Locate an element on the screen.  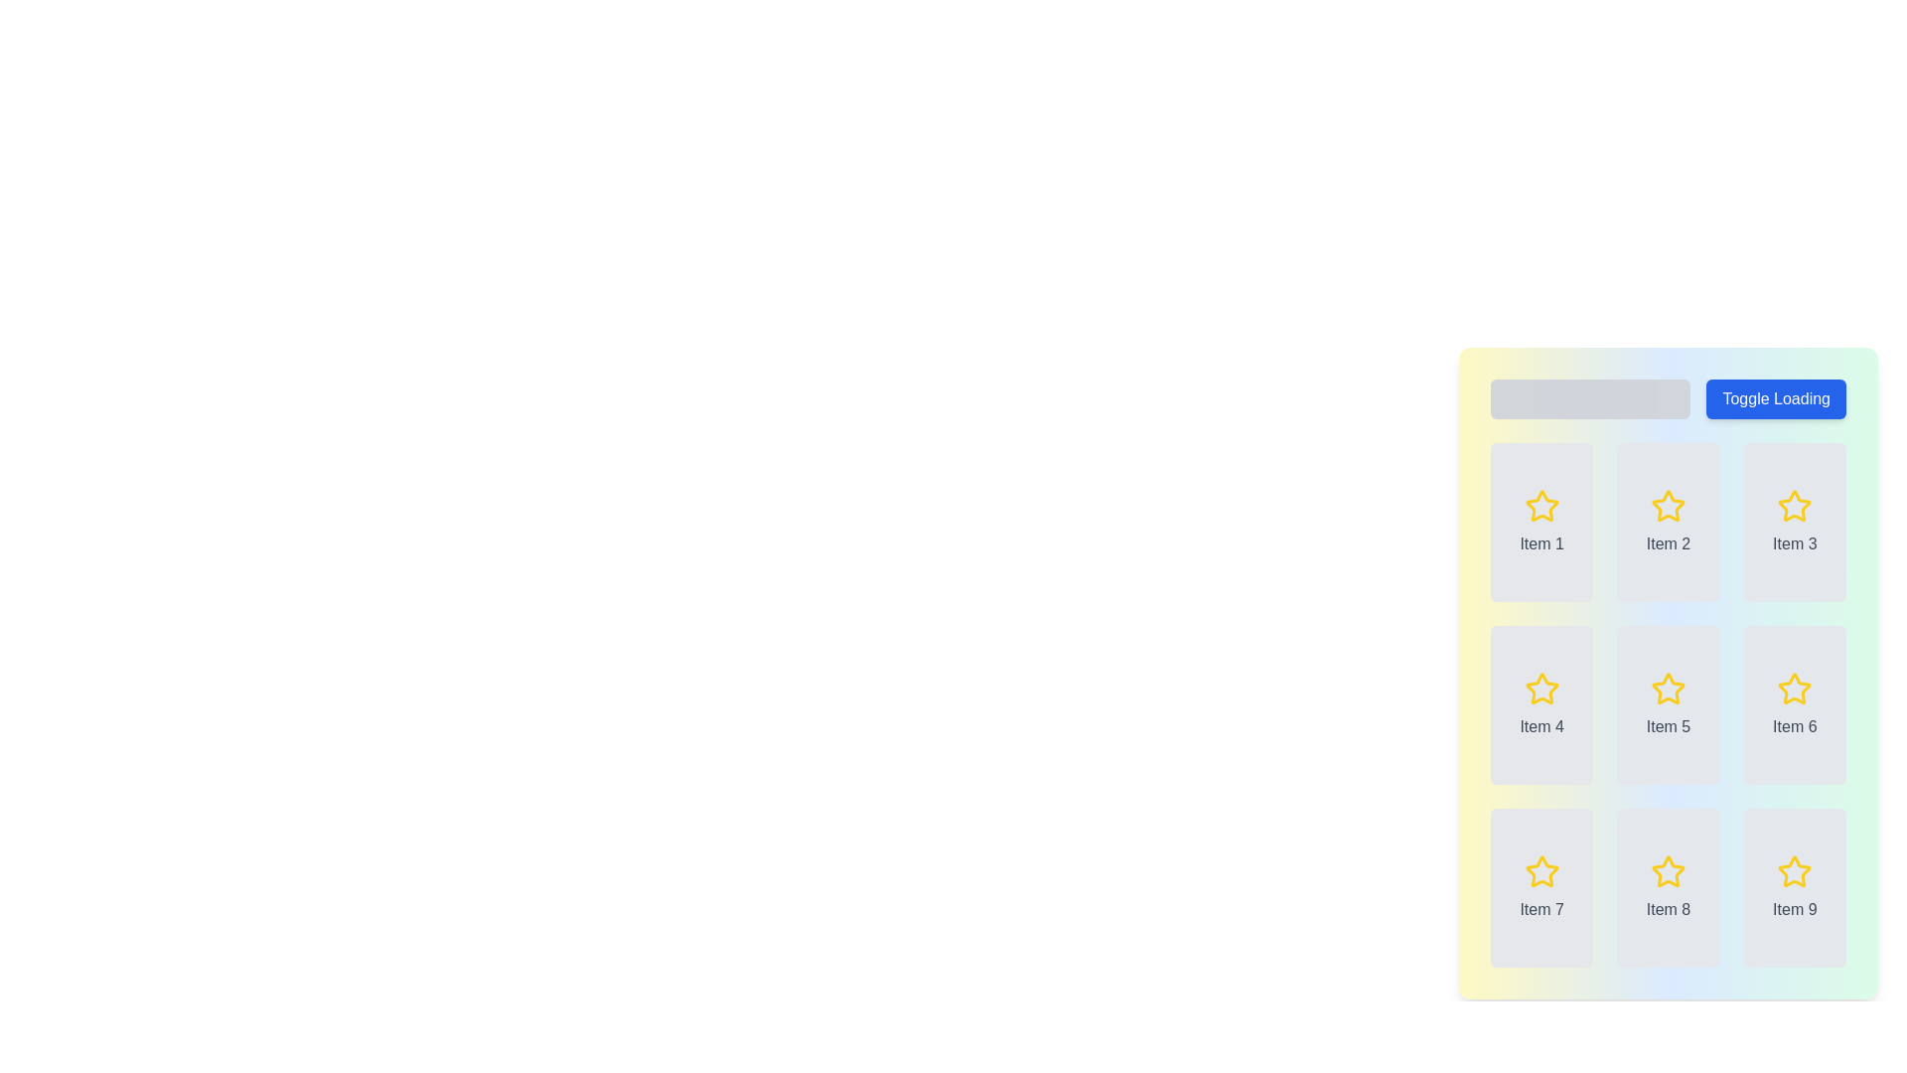
the card-like UI component located in the middle cell of the second row of the grid layout, which contains an icon and text, to interact with it is located at coordinates (1669, 703).